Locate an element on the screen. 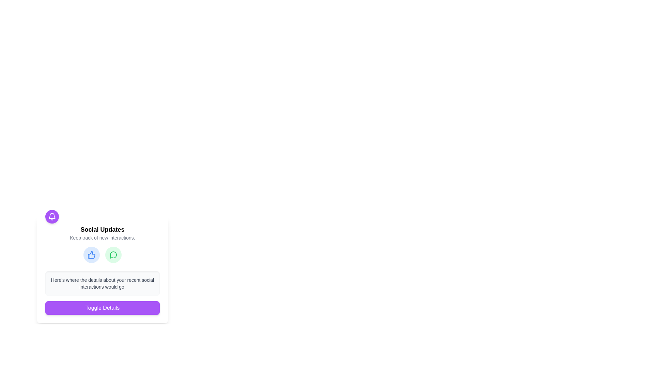 The width and height of the screenshot is (654, 368). the bell icon located in the top-left area of the 'Social Updates' card, which is centered within a purple circular background is located at coordinates (52, 217).